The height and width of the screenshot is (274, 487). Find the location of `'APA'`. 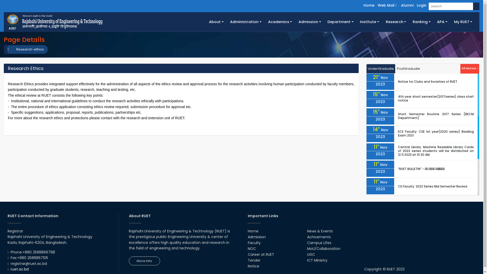

'APA' is located at coordinates (442, 22).